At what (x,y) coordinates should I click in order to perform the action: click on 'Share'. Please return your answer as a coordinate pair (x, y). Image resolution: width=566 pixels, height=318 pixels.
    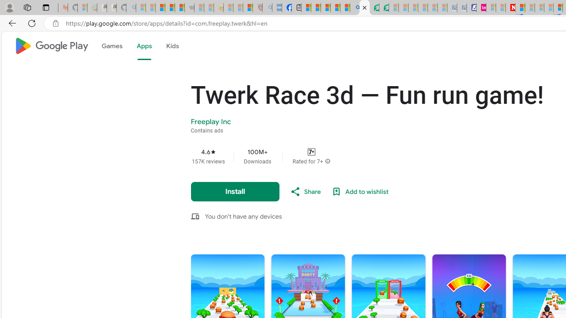
    Looking at the image, I should click on (305, 191).